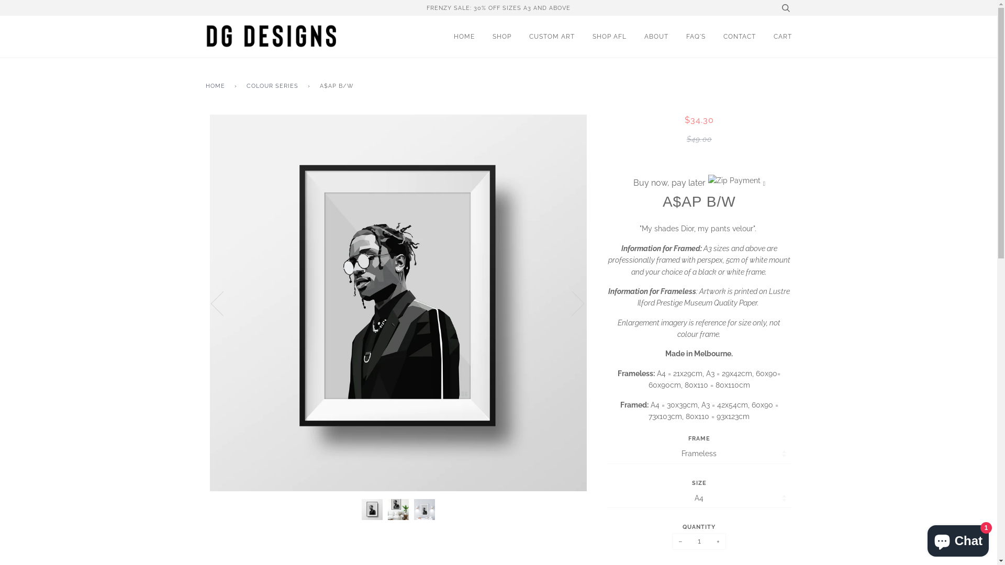  I want to click on '+', so click(718, 541).